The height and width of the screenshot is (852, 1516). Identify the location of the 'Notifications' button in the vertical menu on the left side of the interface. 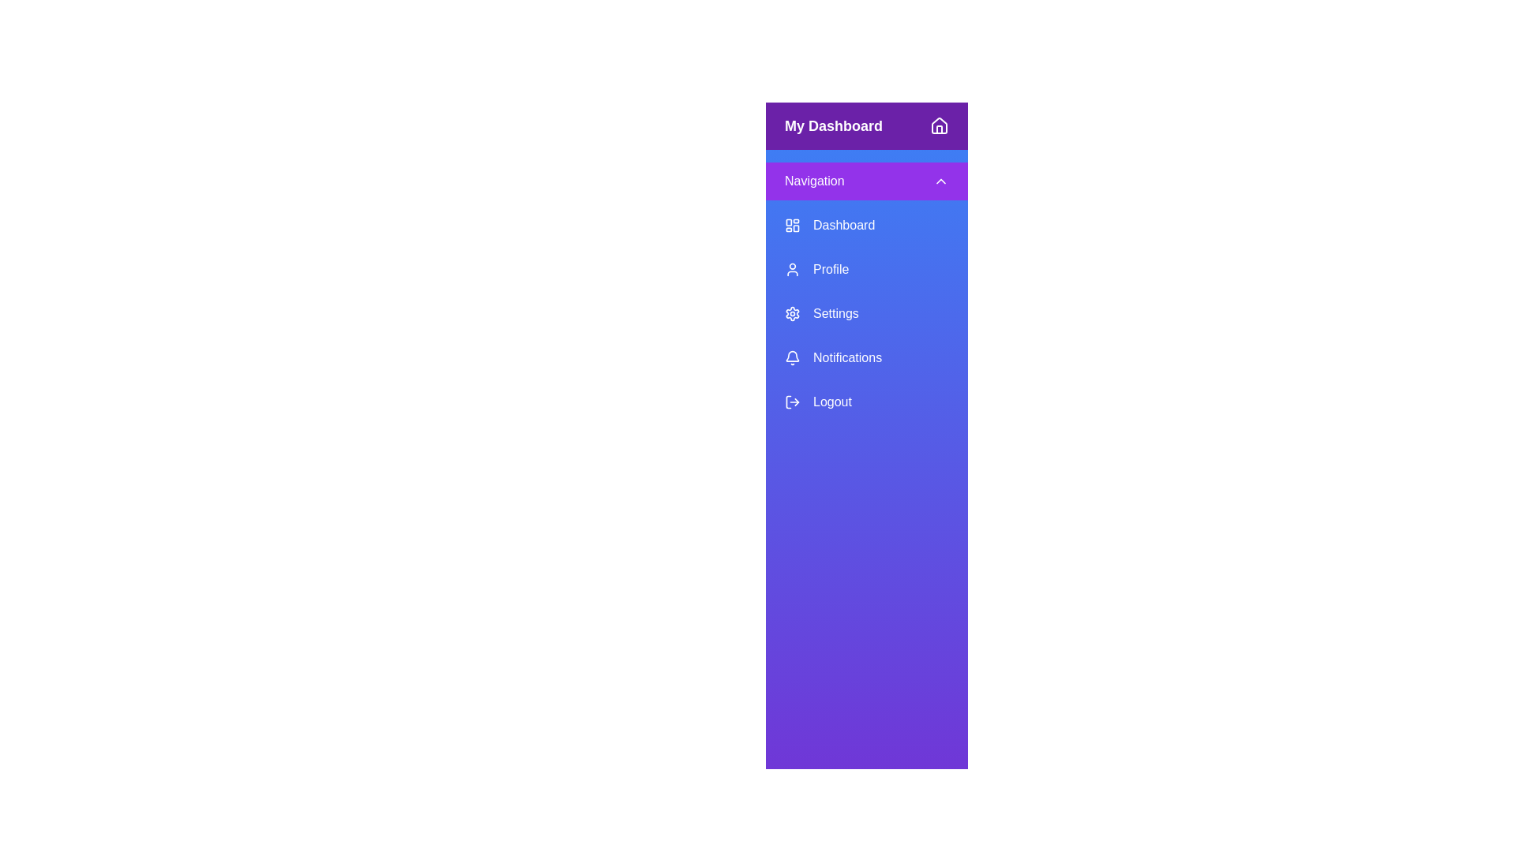
(866, 358).